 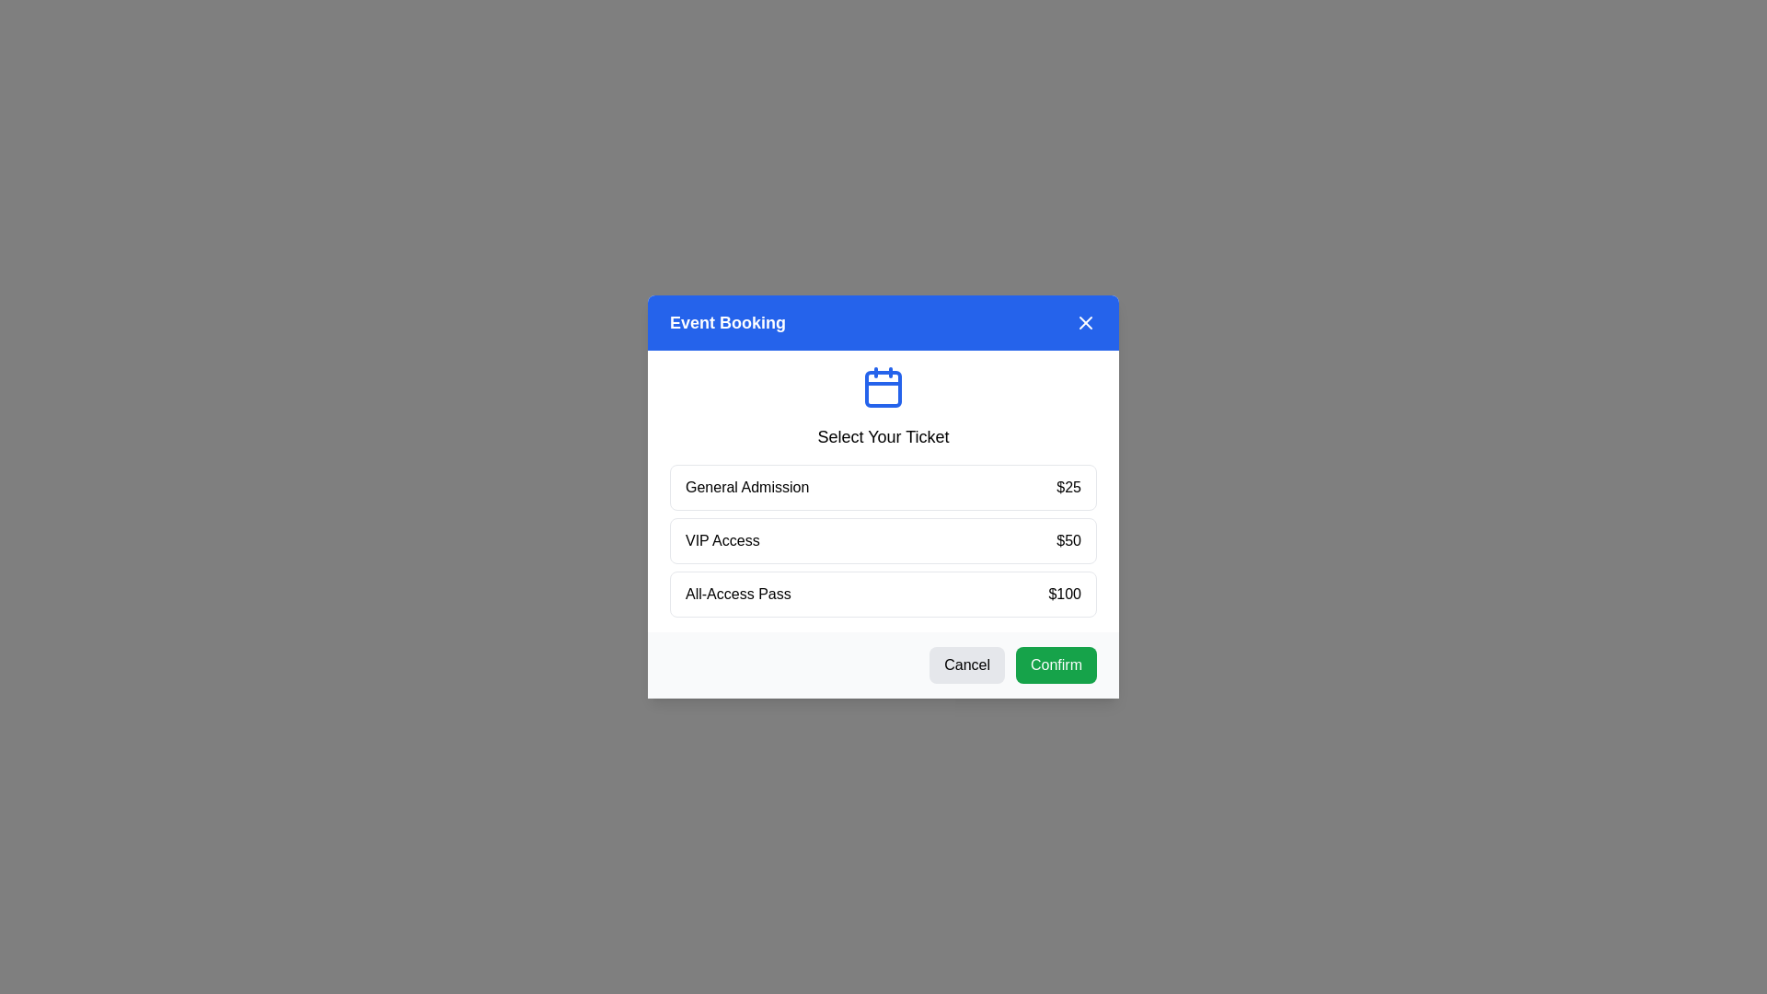 What do you see at coordinates (1056, 665) in the screenshot?
I see `the 'Confirm' button, which is a rectangular button with a green background and white text` at bounding box center [1056, 665].